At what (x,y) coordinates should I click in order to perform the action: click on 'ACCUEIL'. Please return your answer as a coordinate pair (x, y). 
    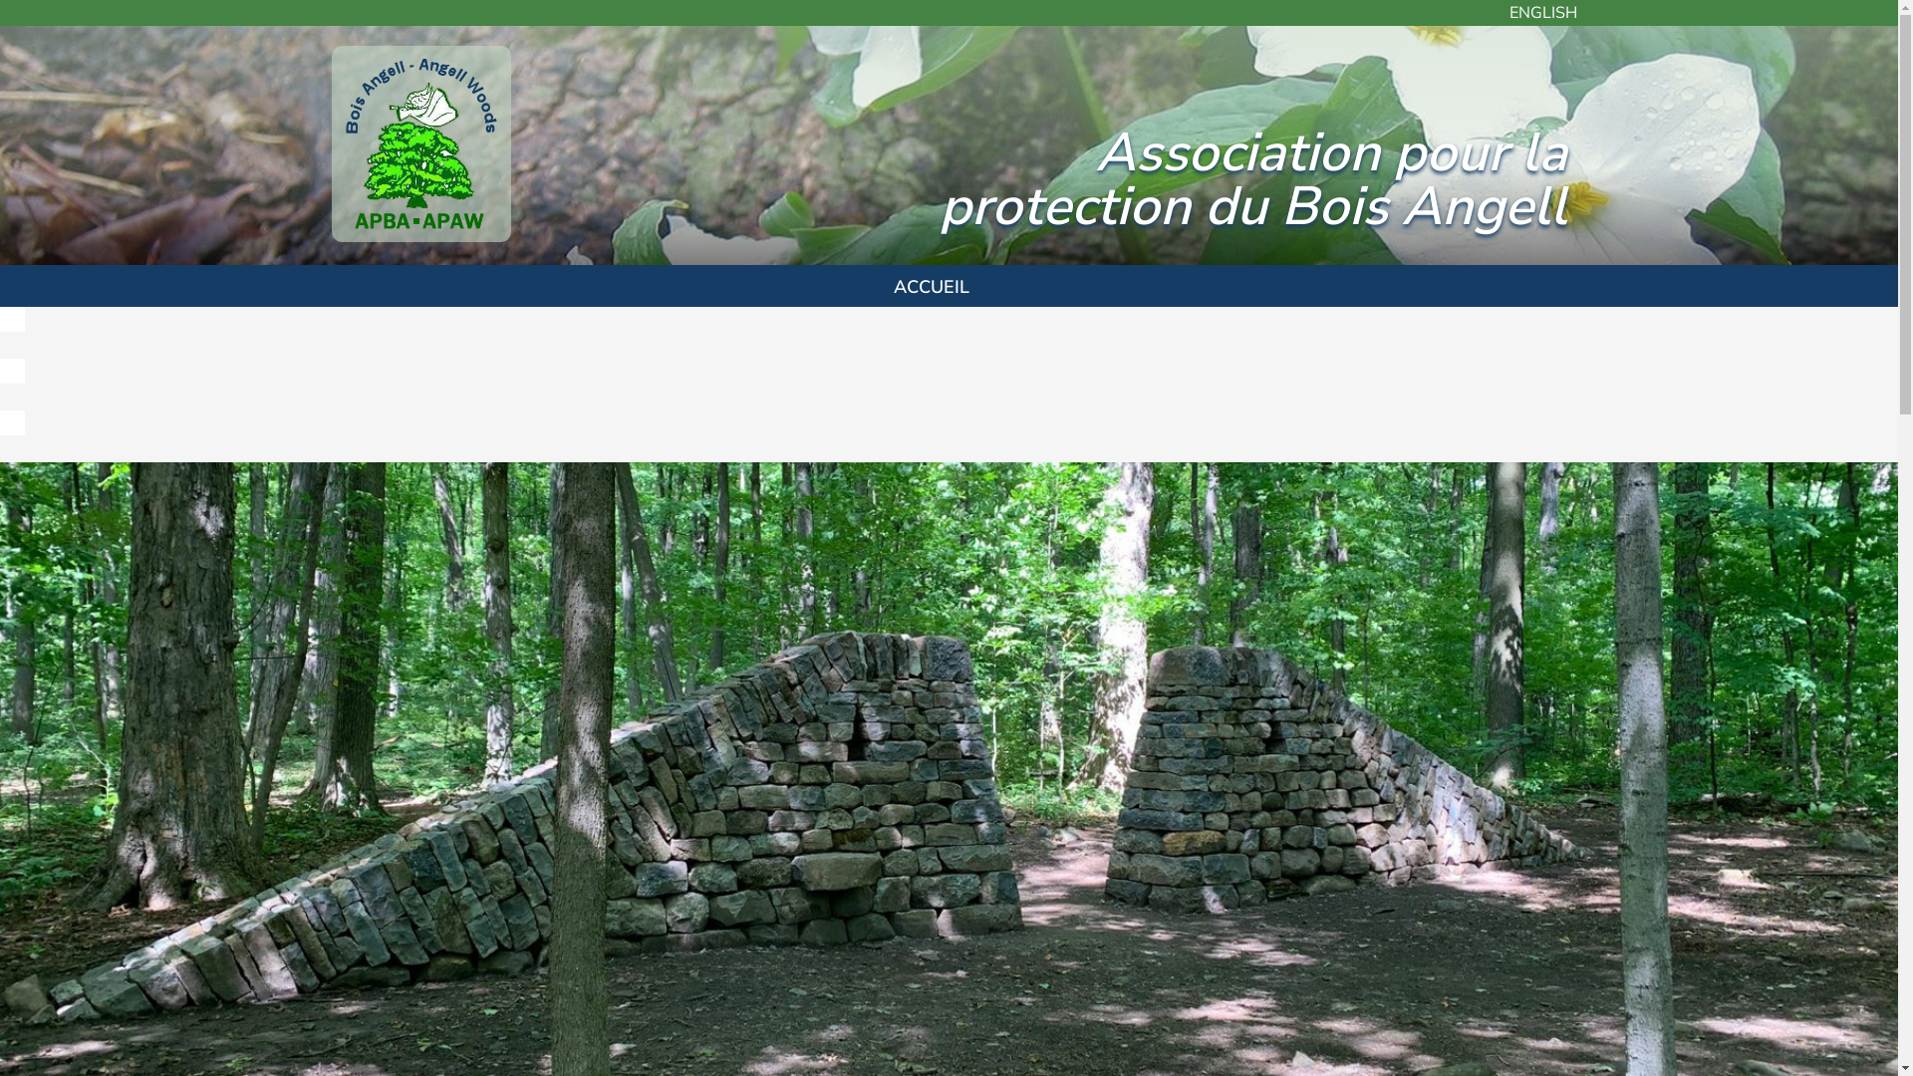
    Looking at the image, I should click on (931, 285).